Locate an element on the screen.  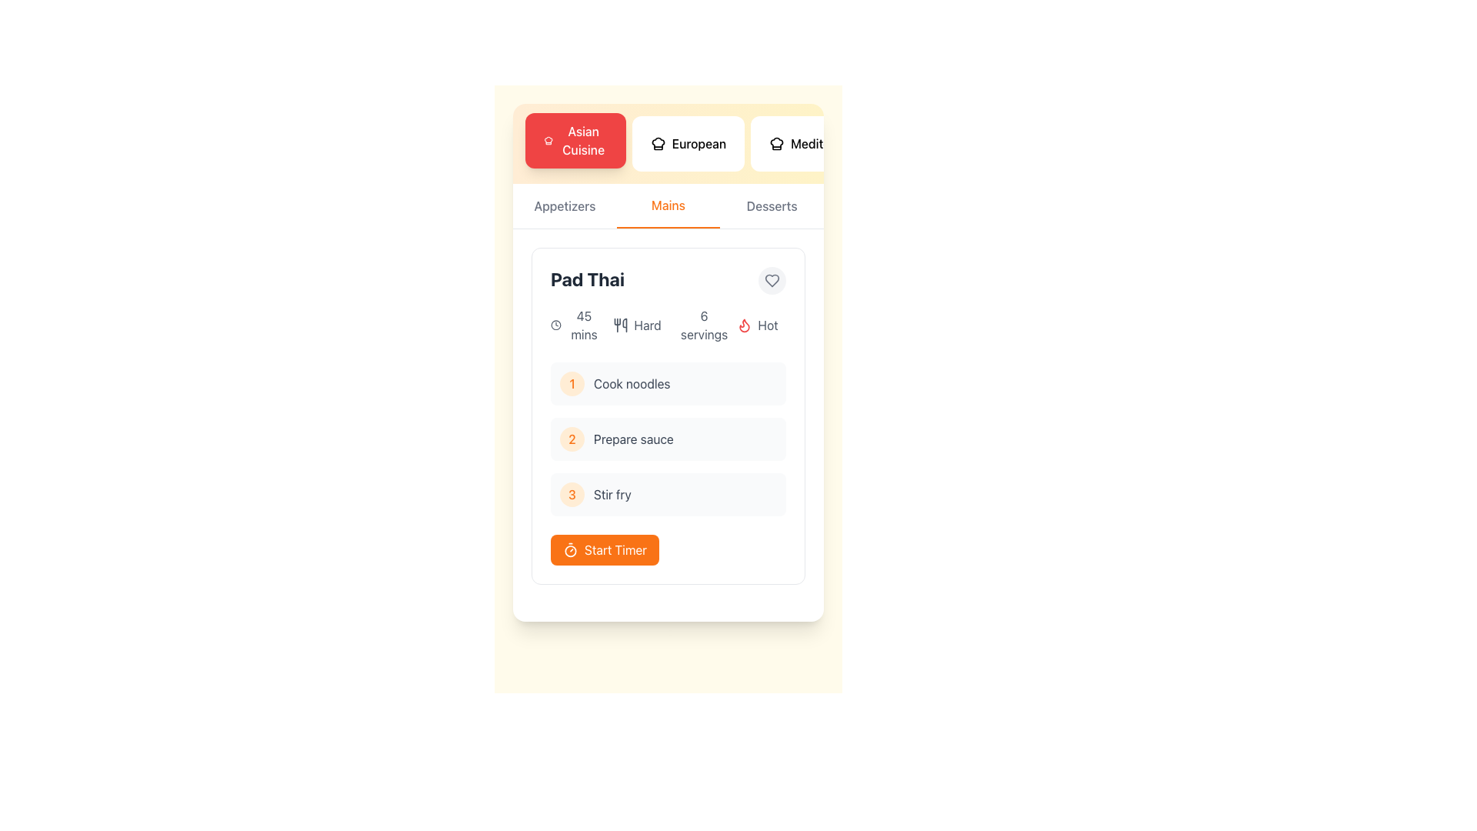
the heart-shaped favorite icon located in the top-right corner of the Pad Thai card is located at coordinates (772, 281).